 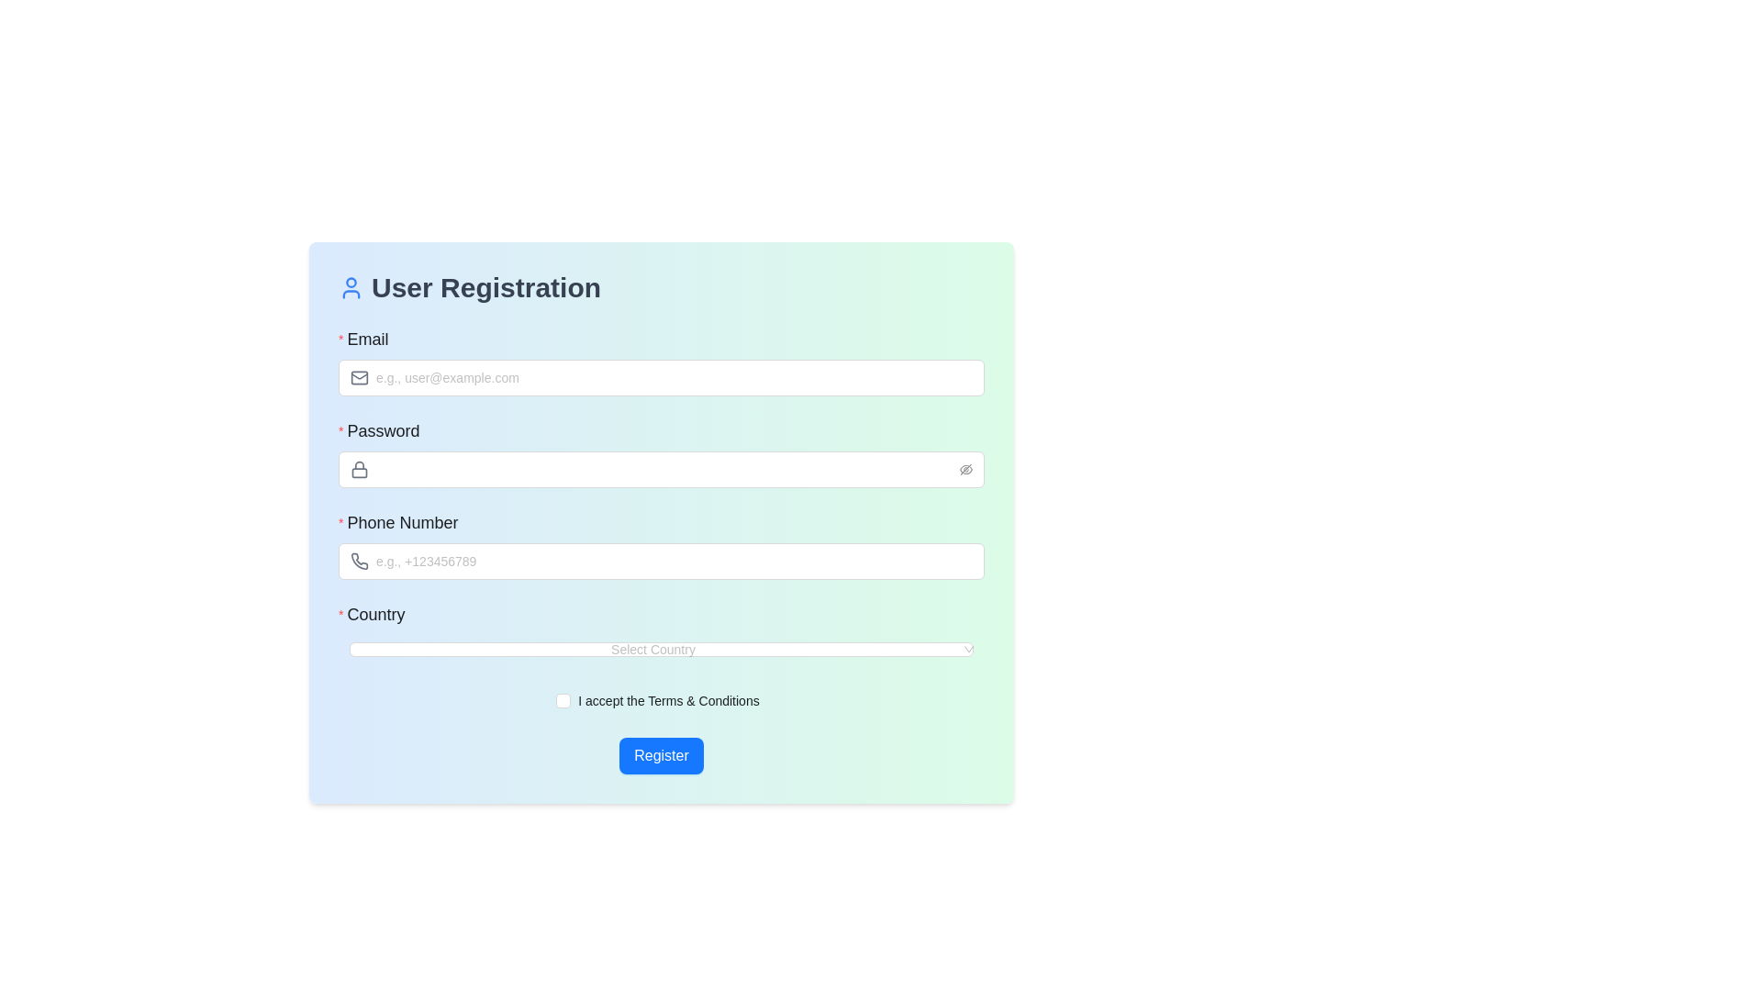 What do you see at coordinates (661, 700) in the screenshot?
I see `the 'Terms & Conditions' hyperlink next to the checkbox in the user registration form` at bounding box center [661, 700].